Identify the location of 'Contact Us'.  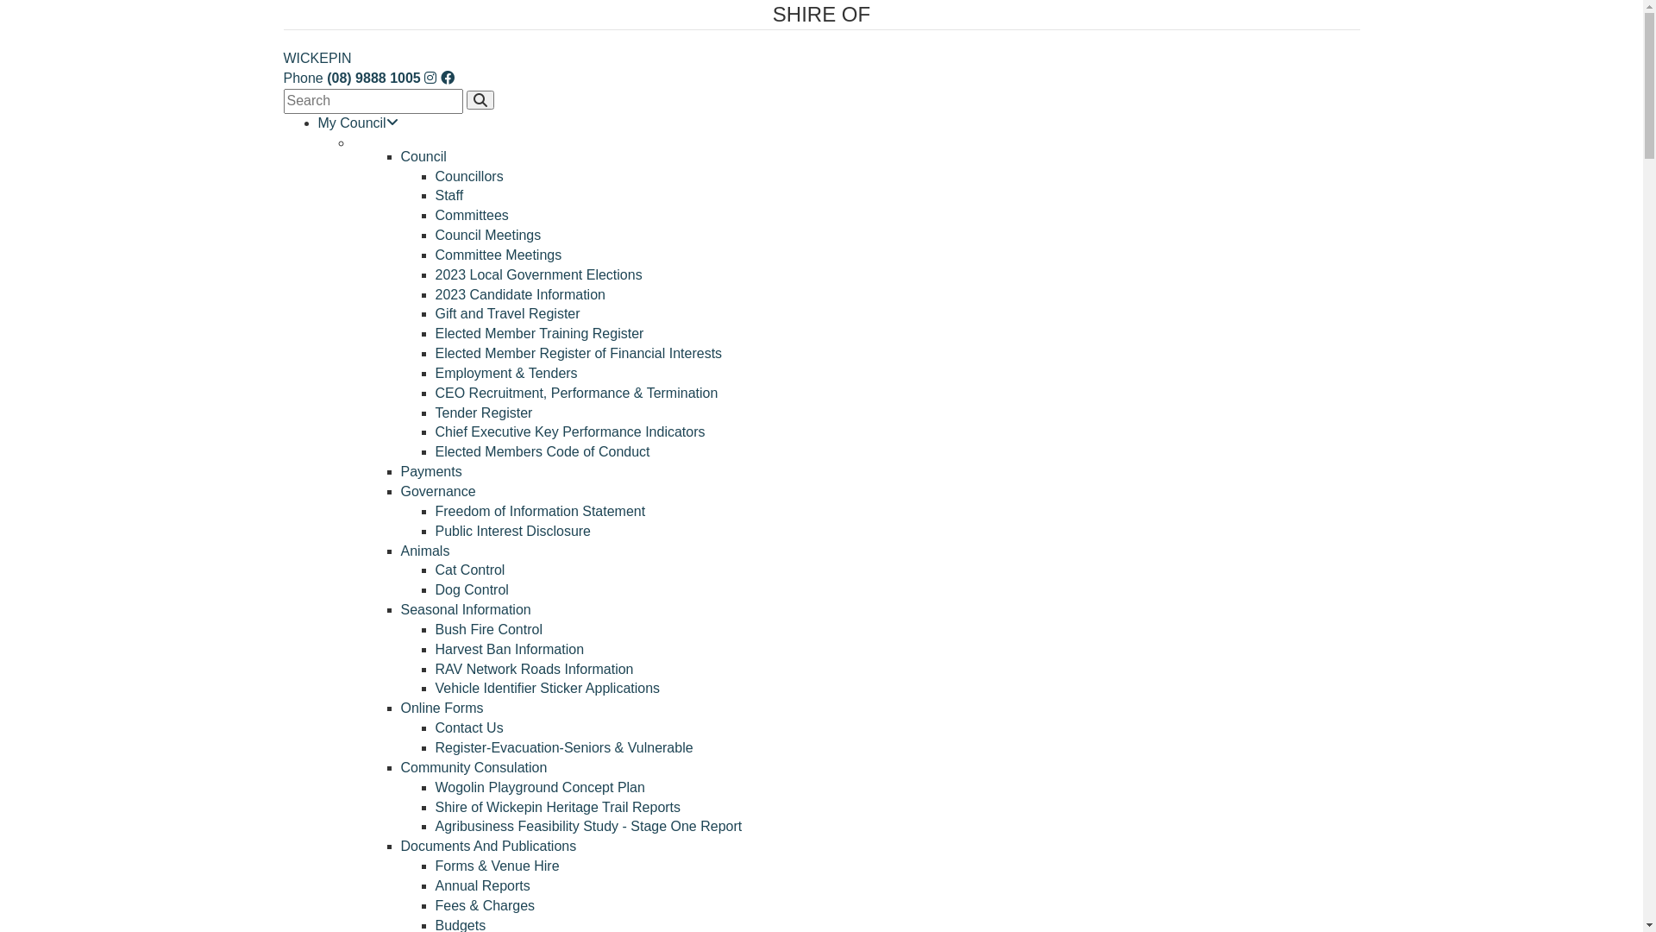
(435, 727).